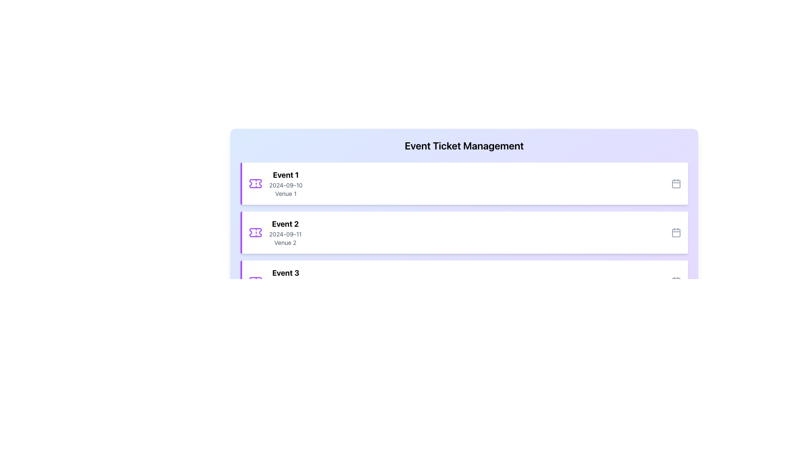 The width and height of the screenshot is (810, 456). I want to click on the rounded rectangular ticket silhouette icon, which is purple with a hollow center and positioned to the left of the 'Event 3' text, so click(255, 282).